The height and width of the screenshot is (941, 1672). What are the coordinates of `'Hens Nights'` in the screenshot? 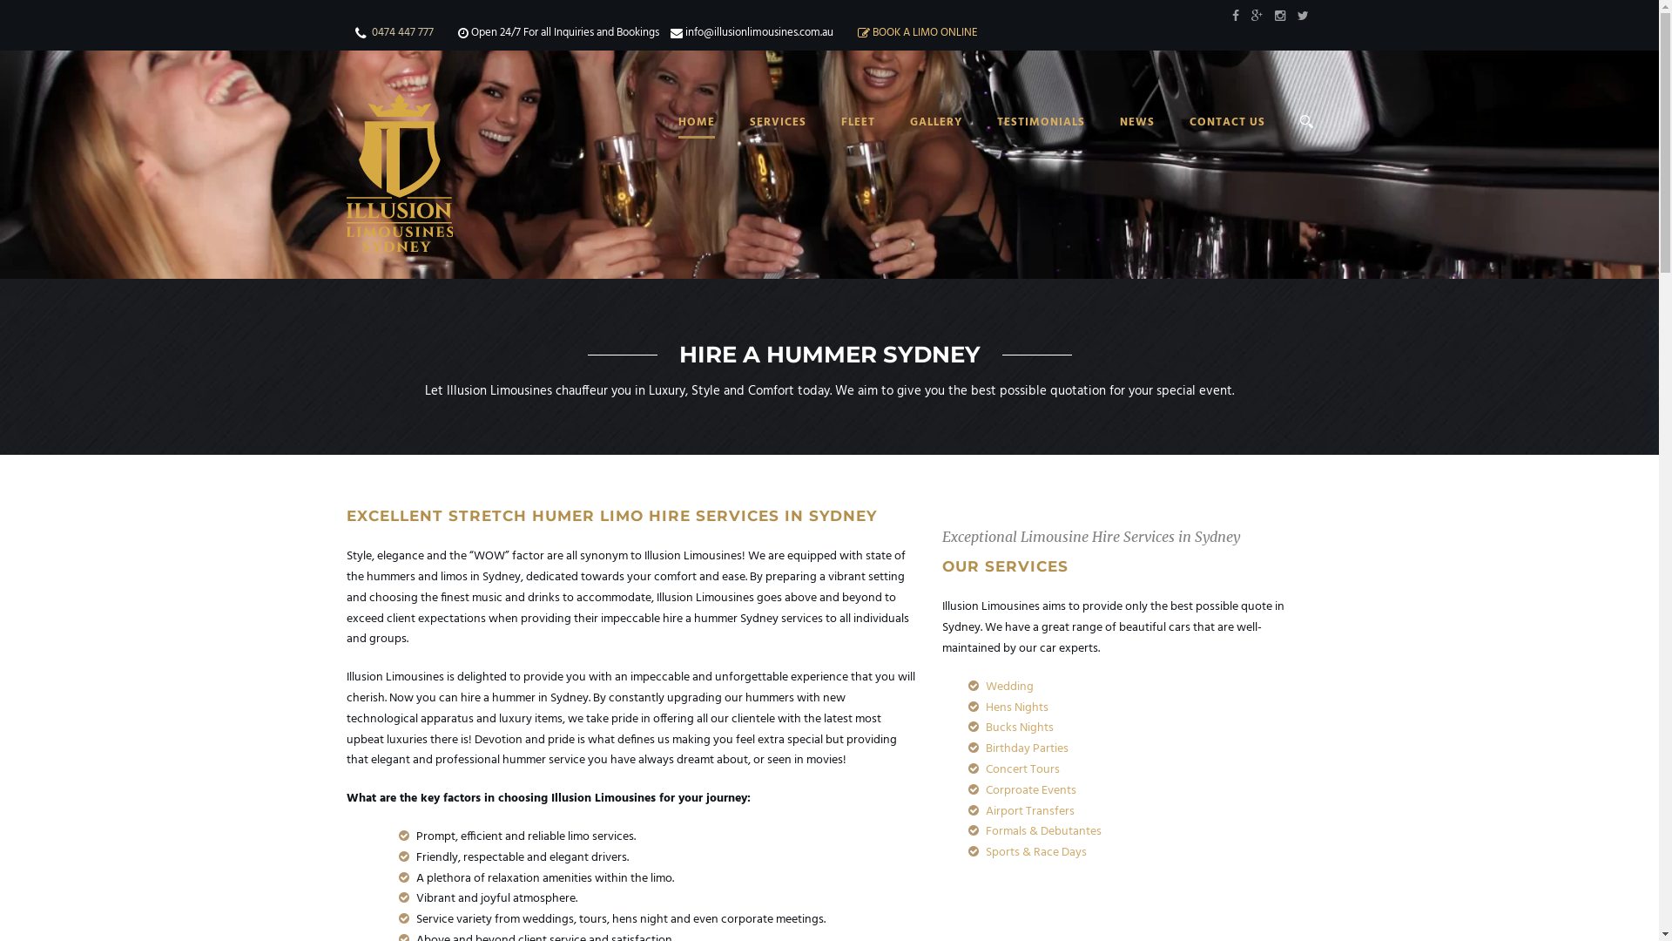 It's located at (1016, 707).